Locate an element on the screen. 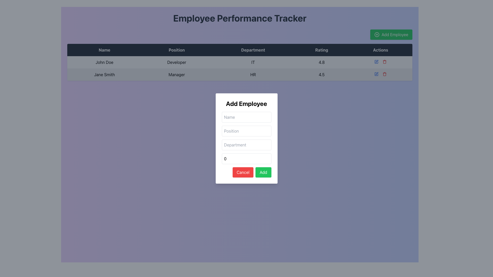 The width and height of the screenshot is (493, 277). the Table Header Row with a dark gray background and white text that contains the column titles: 'Name,' 'Position,' 'Department,' 'Rating,' and 'Actions.' is located at coordinates (240, 50).